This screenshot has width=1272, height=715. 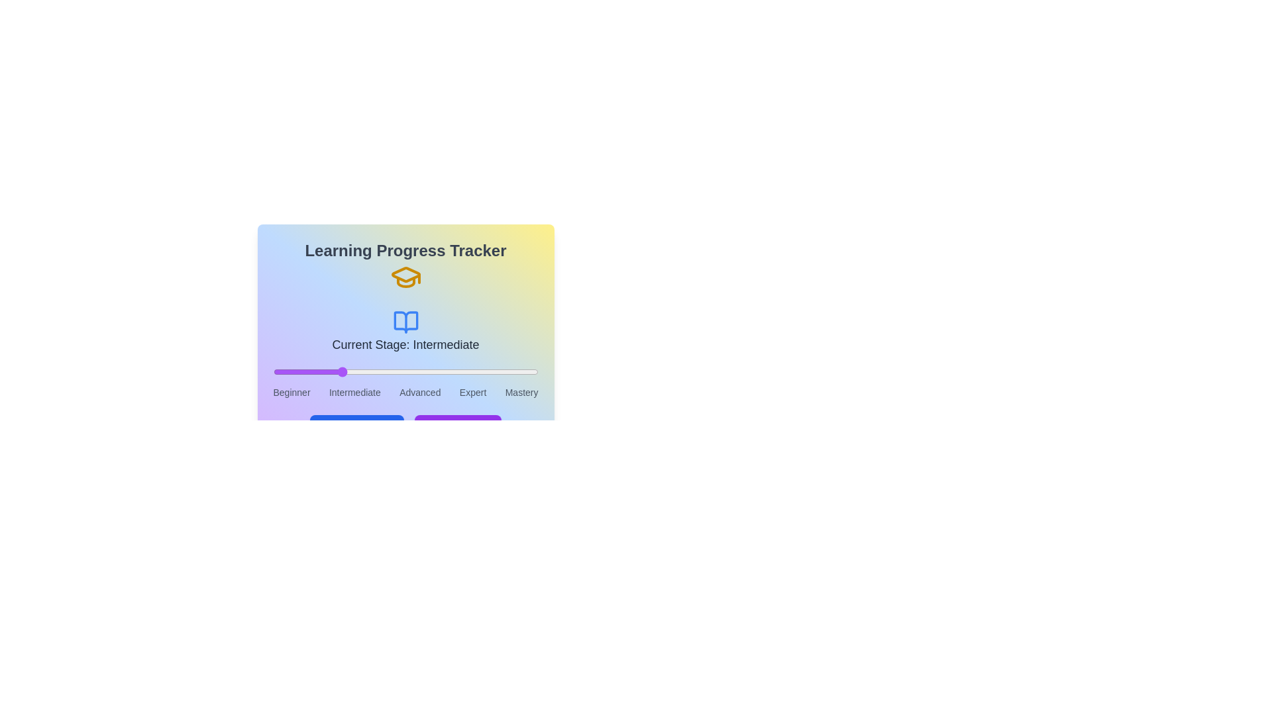 I want to click on the 'Max Progress' button, so click(x=458, y=428).